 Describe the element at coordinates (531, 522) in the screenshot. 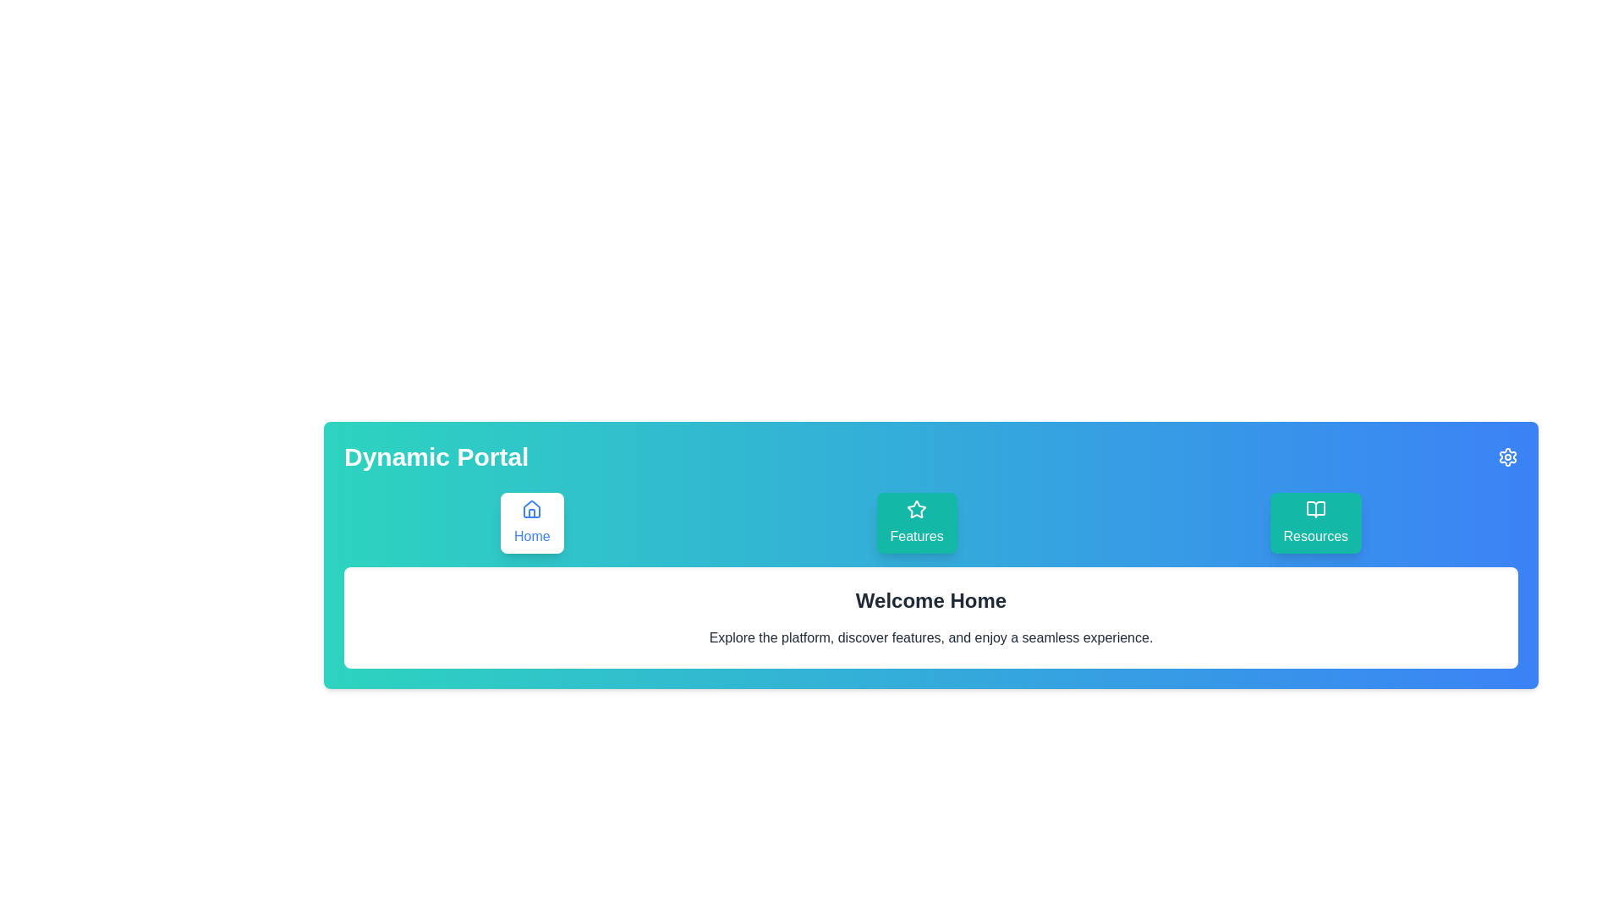

I see `the 'Home' button, which is a rounded button with a white background and blue text, located at the upper left of the page` at that location.